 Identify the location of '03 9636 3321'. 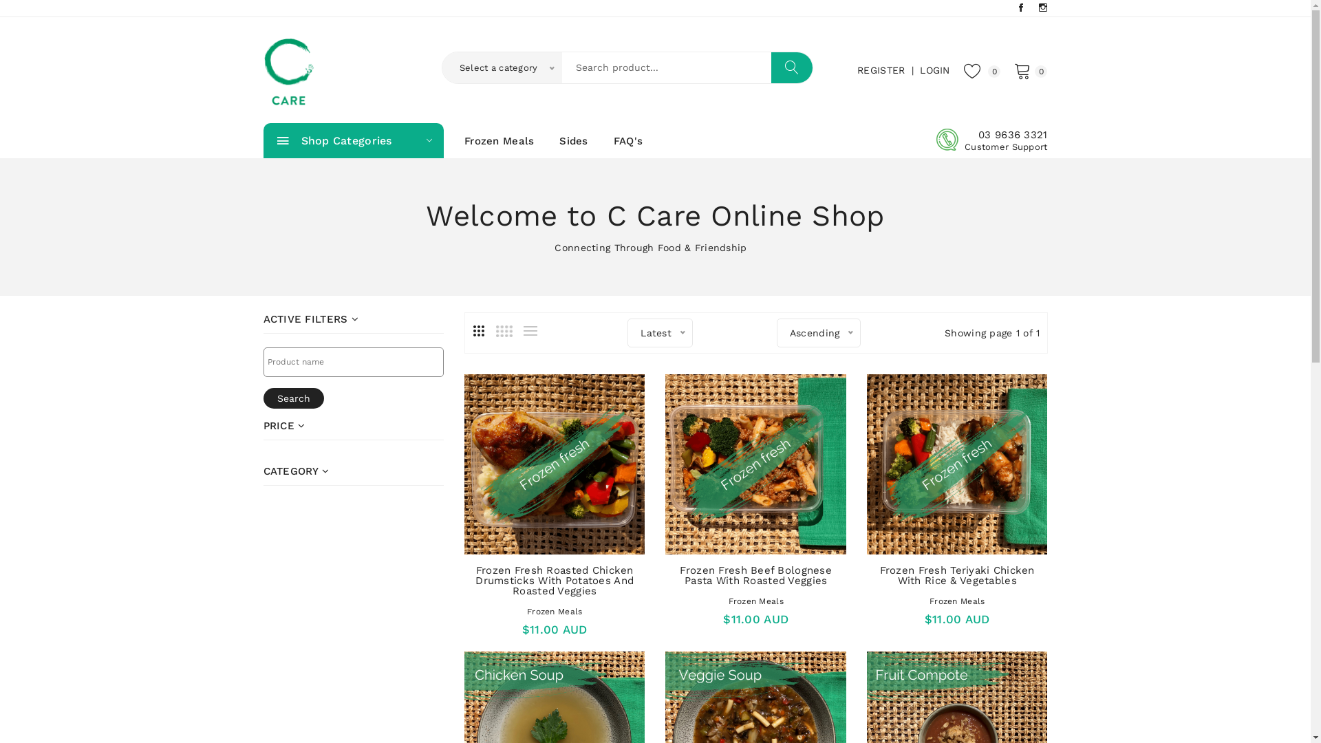
(963, 134).